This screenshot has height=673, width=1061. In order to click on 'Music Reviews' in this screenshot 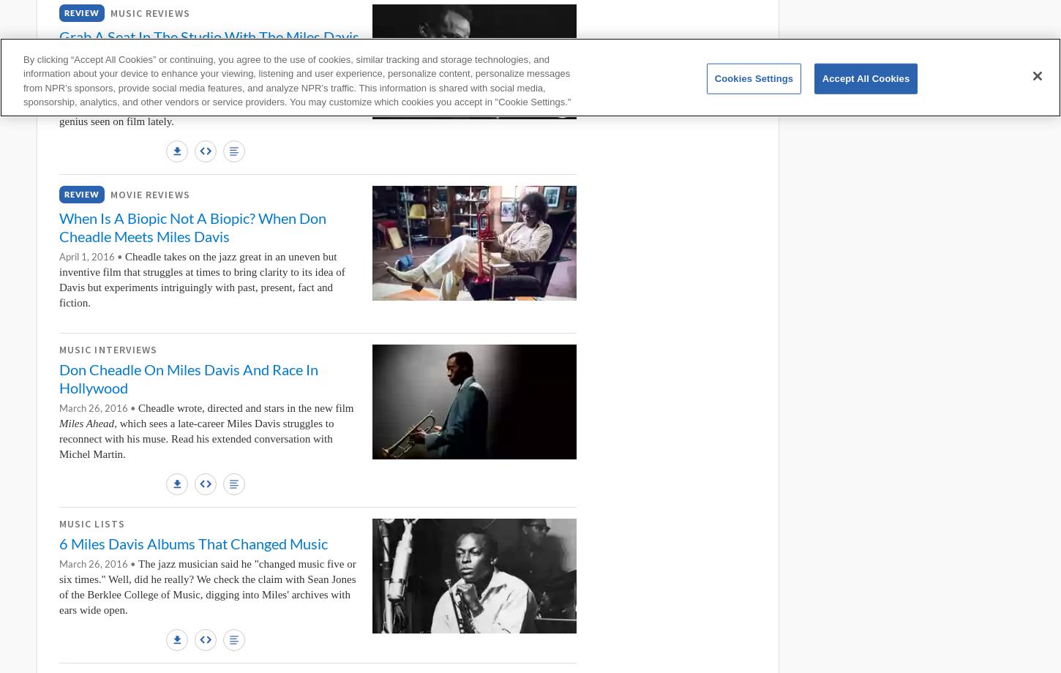, I will do `click(149, 12)`.